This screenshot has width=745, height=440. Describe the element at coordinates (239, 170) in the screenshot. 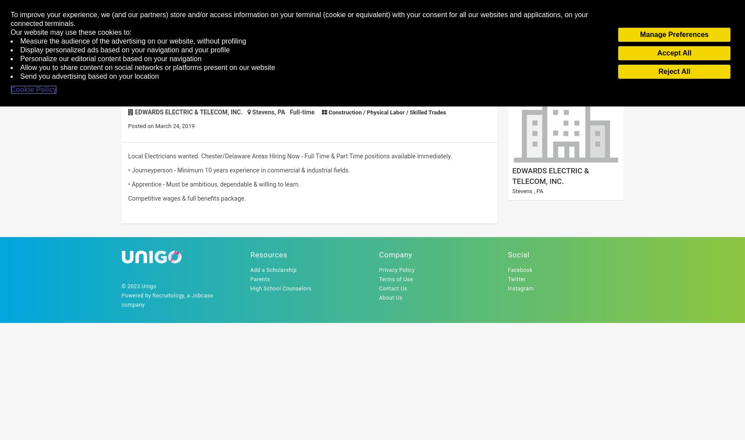

I see `'• Journeyperson - Minimum 10 years experience in commercial & industrial fields.'` at that location.